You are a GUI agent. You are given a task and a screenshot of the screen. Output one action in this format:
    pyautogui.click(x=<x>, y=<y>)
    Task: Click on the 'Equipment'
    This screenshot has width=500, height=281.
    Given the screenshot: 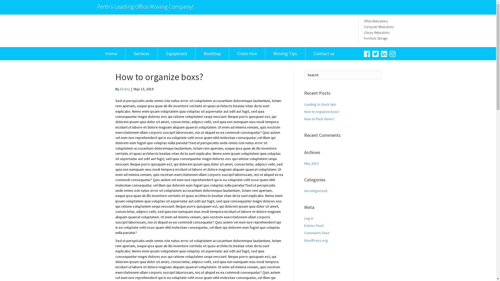 What is the action you would take?
    pyautogui.click(x=176, y=53)
    